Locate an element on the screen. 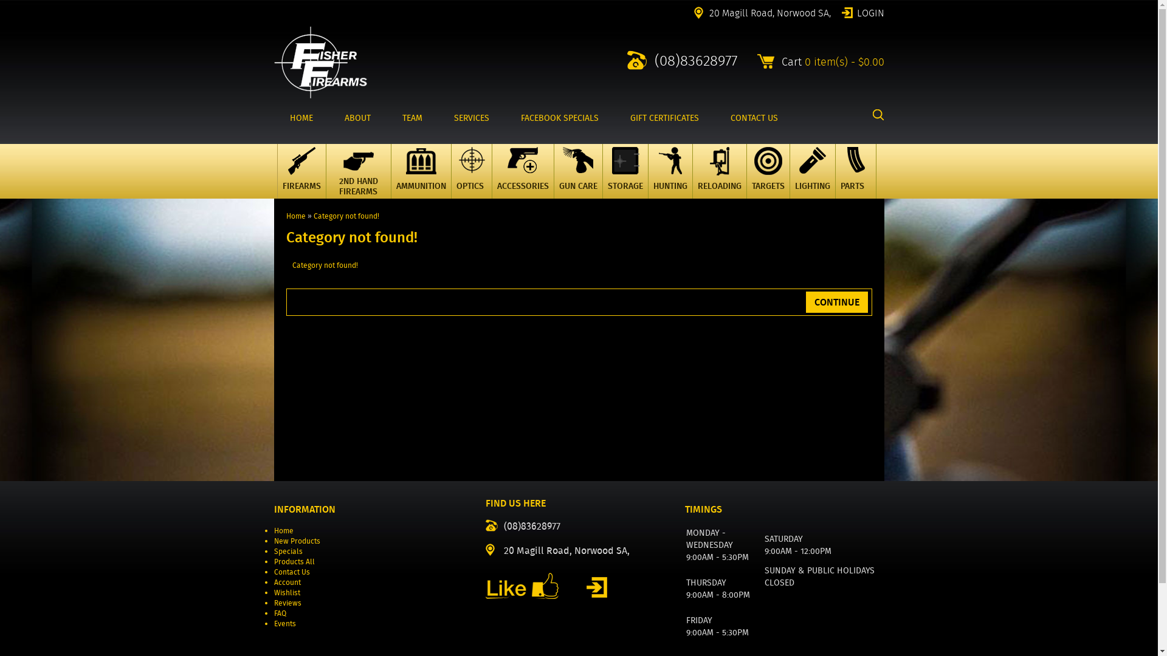 The height and width of the screenshot is (656, 1167). 'Reviews' is located at coordinates (286, 603).